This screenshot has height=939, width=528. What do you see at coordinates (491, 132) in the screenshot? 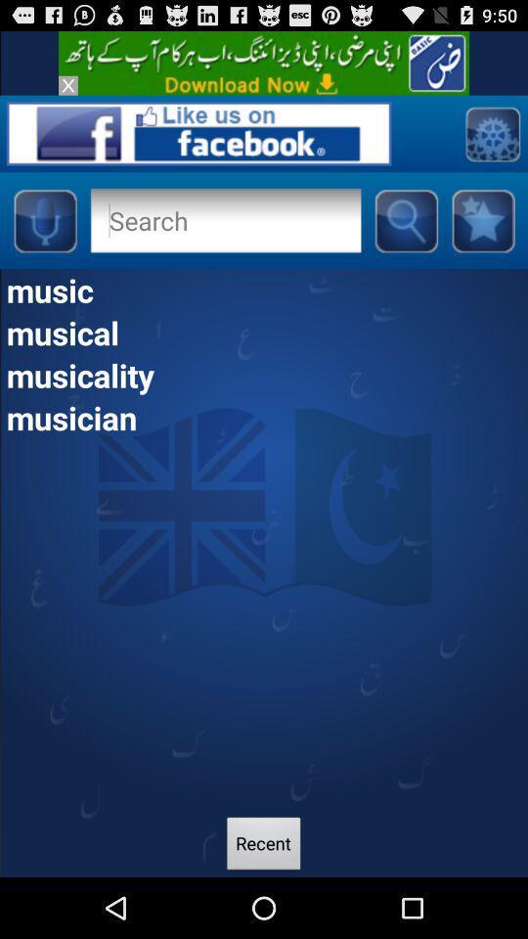
I see `the settings button on the web page` at bounding box center [491, 132].